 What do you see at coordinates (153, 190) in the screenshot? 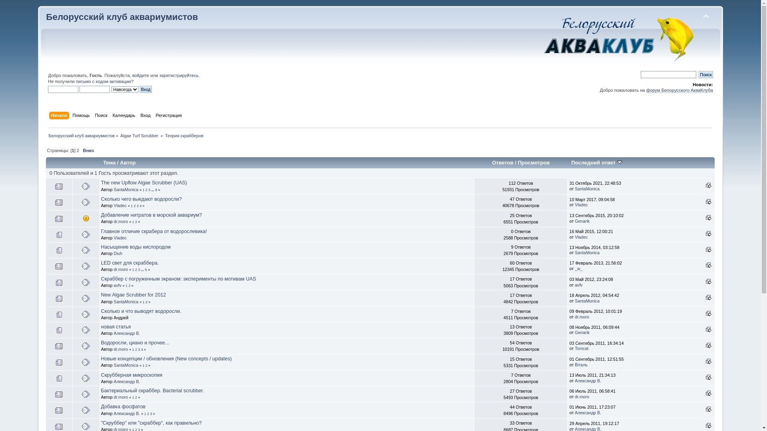
I see `'...'` at bounding box center [153, 190].